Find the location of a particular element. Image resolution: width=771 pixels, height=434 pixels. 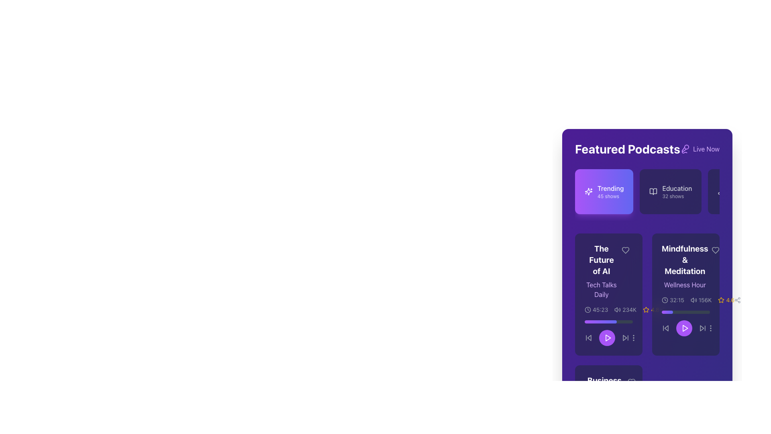

the 'Trending' category selector button located in the top-left corner of the horizontal list under 'Featured Podcasts' is located at coordinates (604, 192).